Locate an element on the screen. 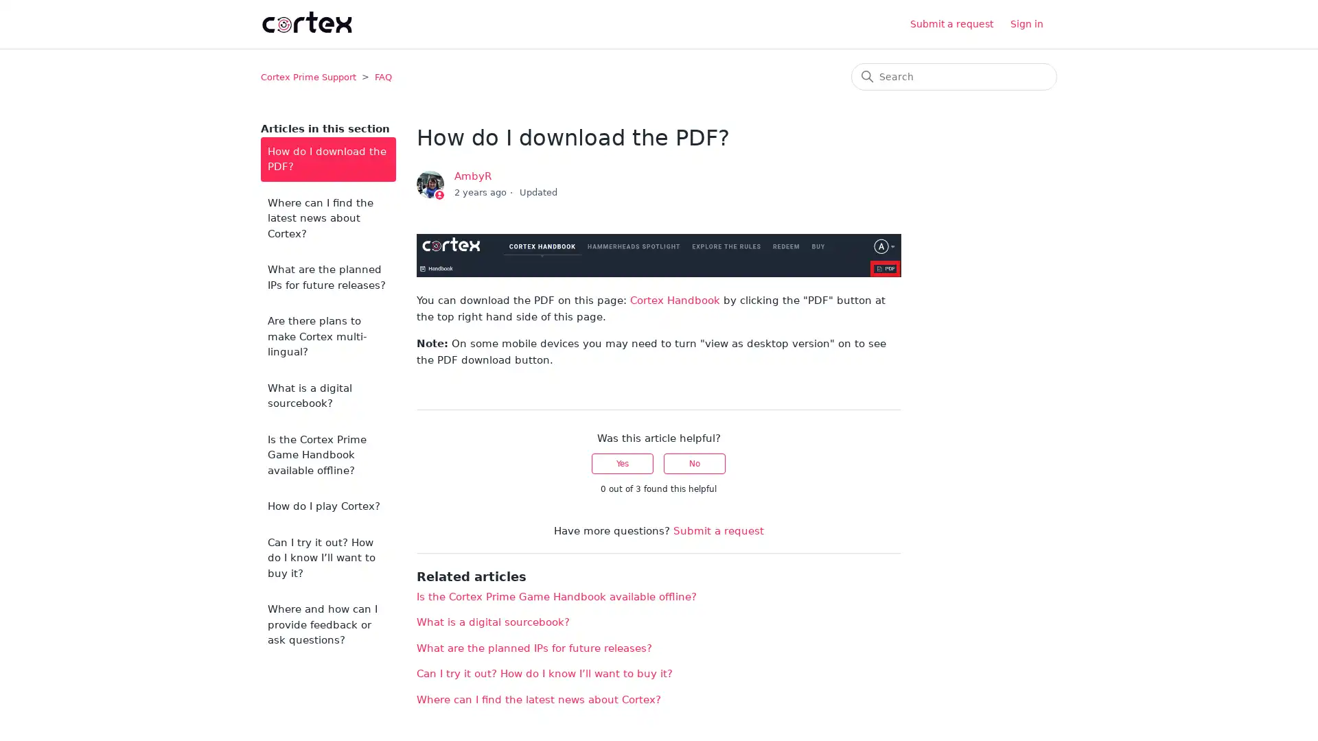 This screenshot has height=741, width=1318. Sign in is located at coordinates (1034, 24).